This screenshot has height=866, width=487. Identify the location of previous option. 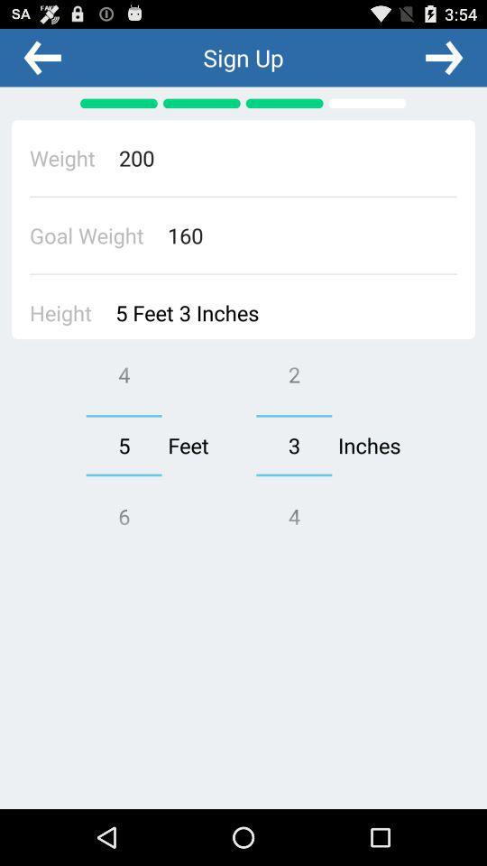
(42, 57).